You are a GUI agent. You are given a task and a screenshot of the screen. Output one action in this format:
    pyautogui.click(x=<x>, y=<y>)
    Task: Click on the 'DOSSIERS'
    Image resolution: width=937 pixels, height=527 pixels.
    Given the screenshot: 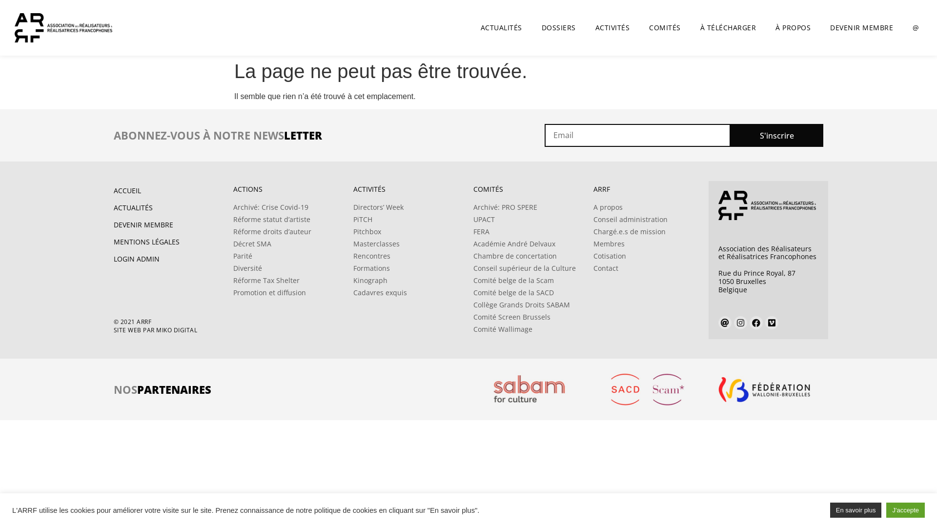 What is the action you would take?
    pyautogui.click(x=559, y=27)
    